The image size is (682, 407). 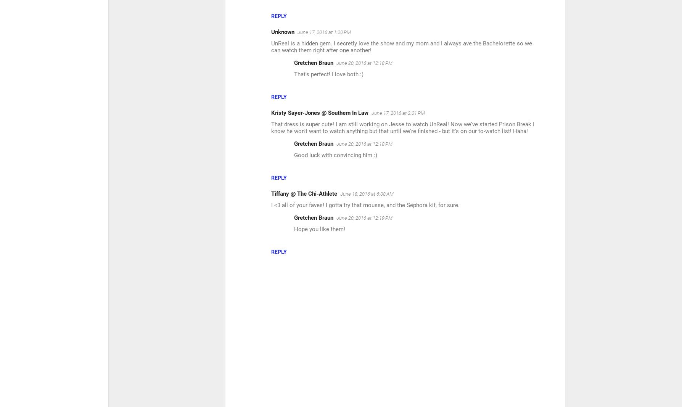 What do you see at coordinates (364, 218) in the screenshot?
I see `'June 20, 2016 at 12:19 PM'` at bounding box center [364, 218].